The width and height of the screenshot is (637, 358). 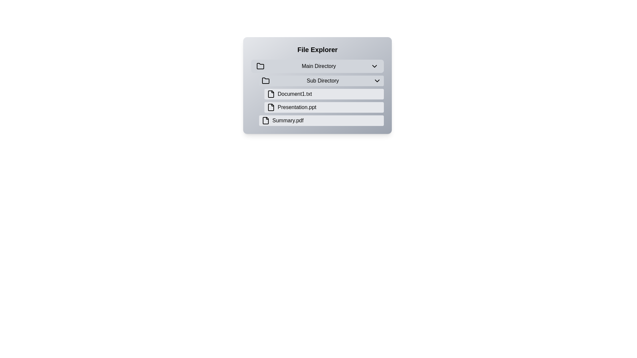 What do you see at coordinates (324, 94) in the screenshot?
I see `the first list item representing the file 'Document1.txt'` at bounding box center [324, 94].